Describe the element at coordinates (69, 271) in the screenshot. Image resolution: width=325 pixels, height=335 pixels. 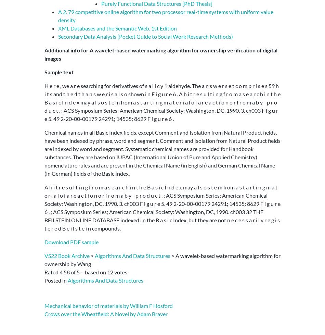
I see `'of'` at that location.